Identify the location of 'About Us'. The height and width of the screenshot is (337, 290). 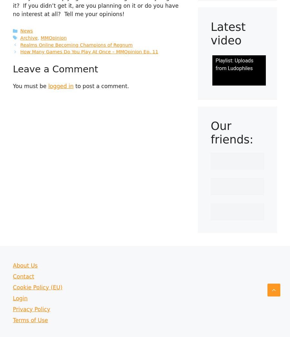
(25, 265).